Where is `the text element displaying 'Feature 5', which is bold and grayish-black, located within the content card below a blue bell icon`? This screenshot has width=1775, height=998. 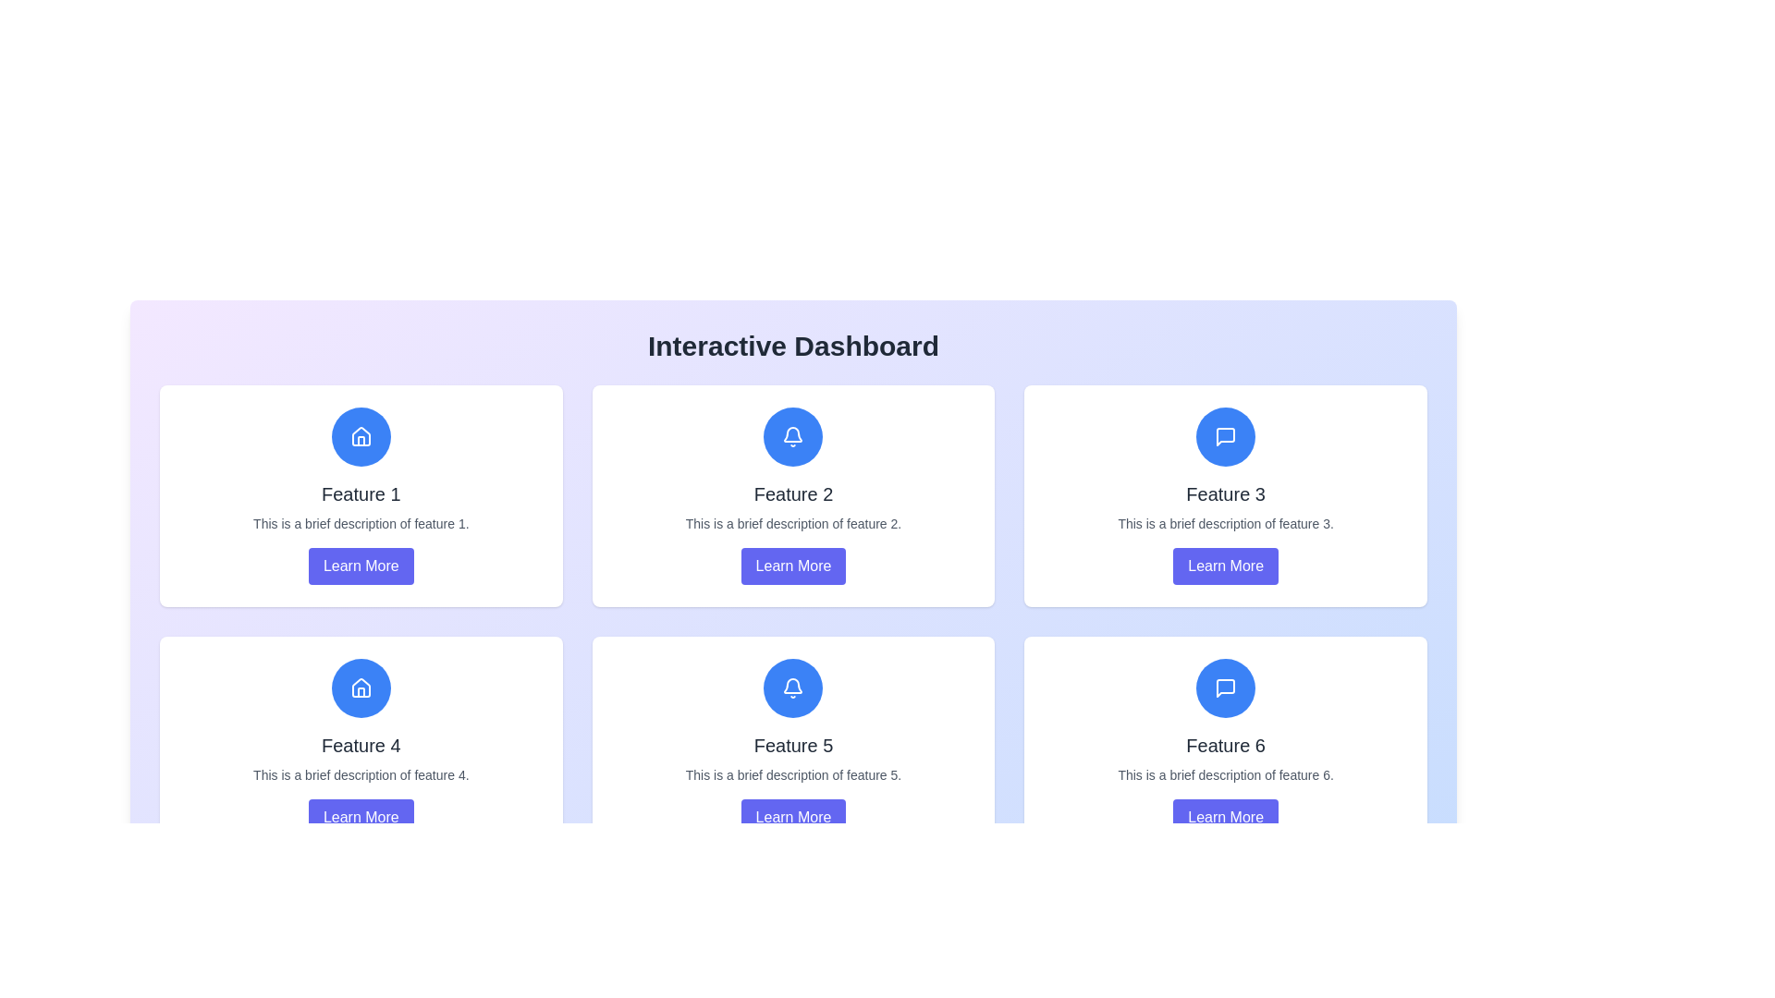 the text element displaying 'Feature 5', which is bold and grayish-black, located within the content card below a blue bell icon is located at coordinates (793, 744).